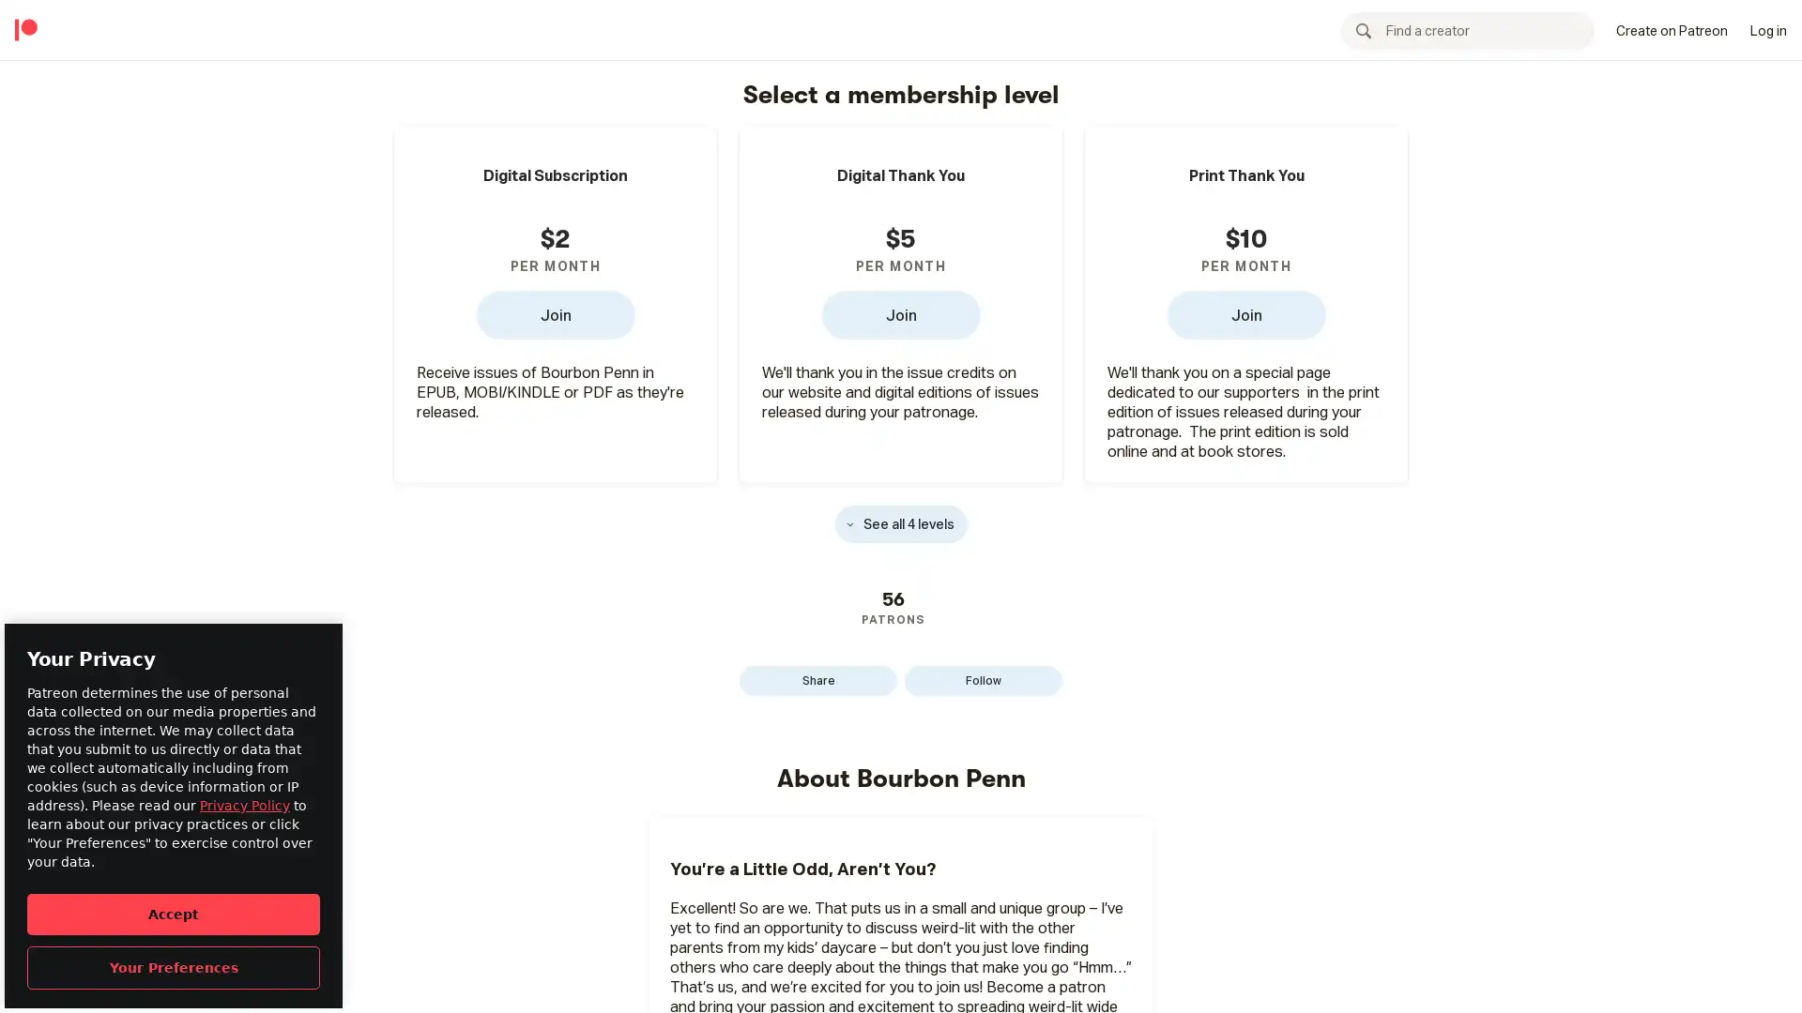 The image size is (1802, 1013). I want to click on Digital Subscription Join, so click(554, 313).